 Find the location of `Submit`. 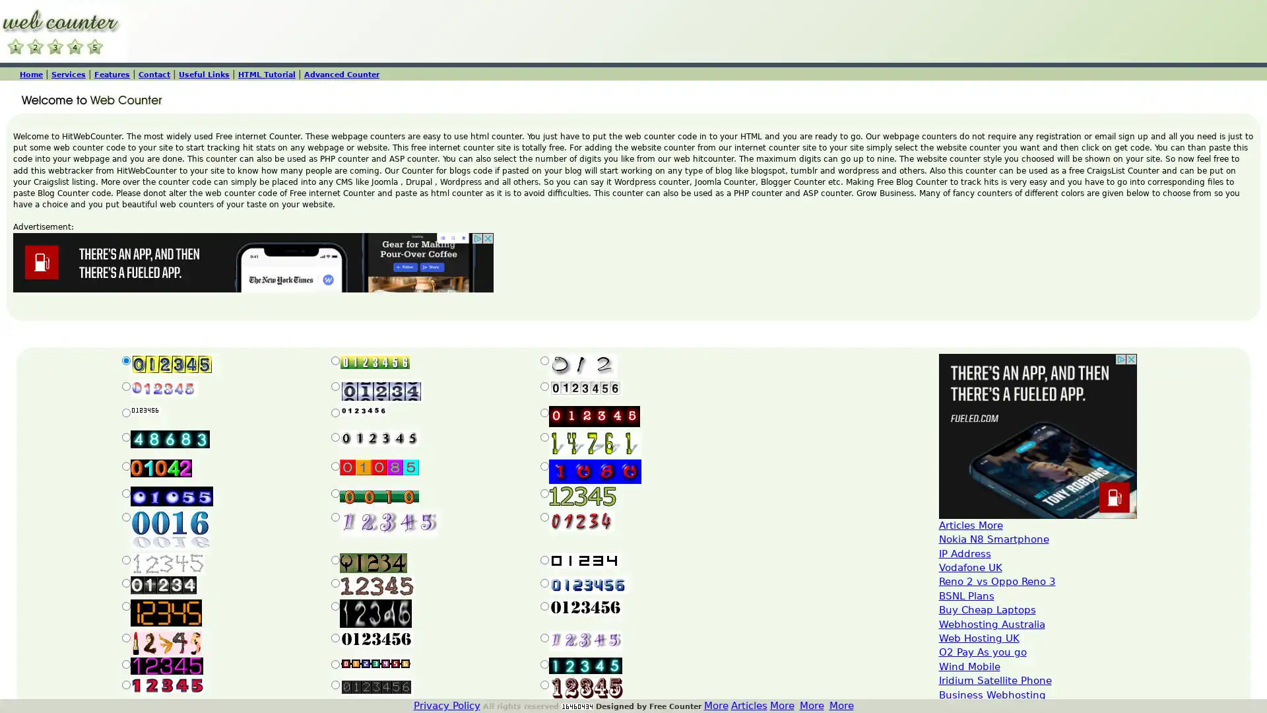

Submit is located at coordinates (171, 496).